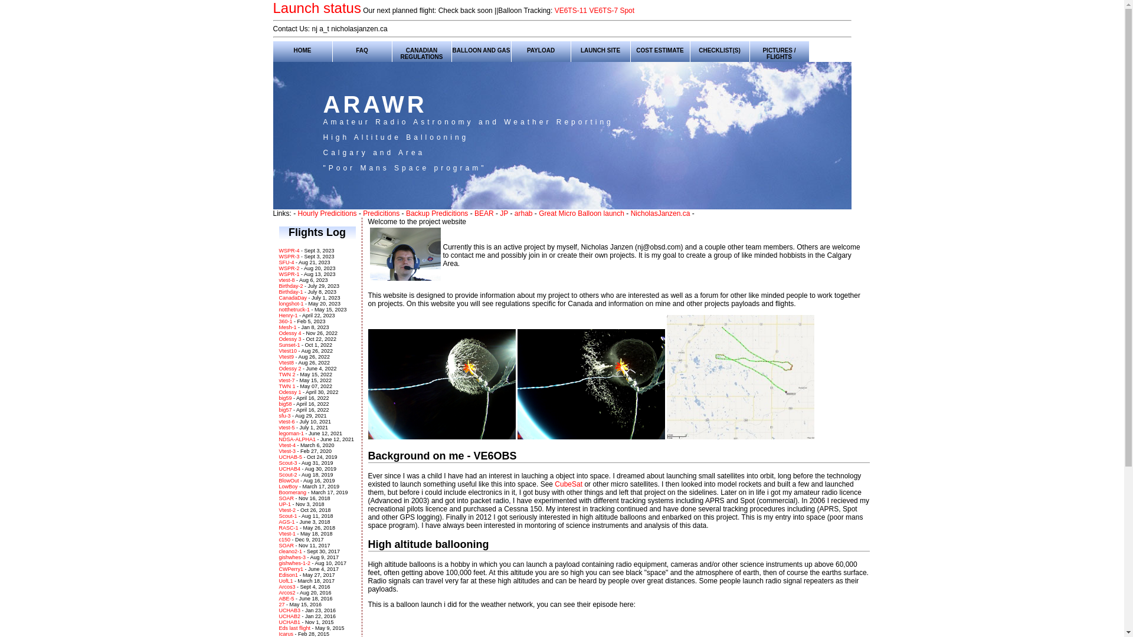 The height and width of the screenshot is (637, 1133). Describe the element at coordinates (288, 487) in the screenshot. I see `'LowBoy'` at that location.